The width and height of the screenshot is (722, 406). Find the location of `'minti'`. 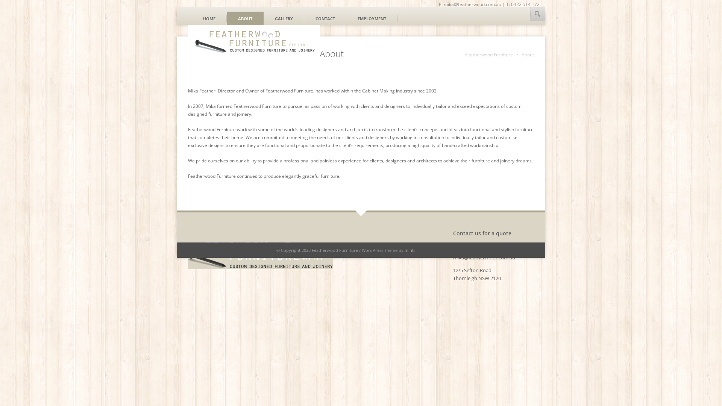

'minti' is located at coordinates (409, 250).